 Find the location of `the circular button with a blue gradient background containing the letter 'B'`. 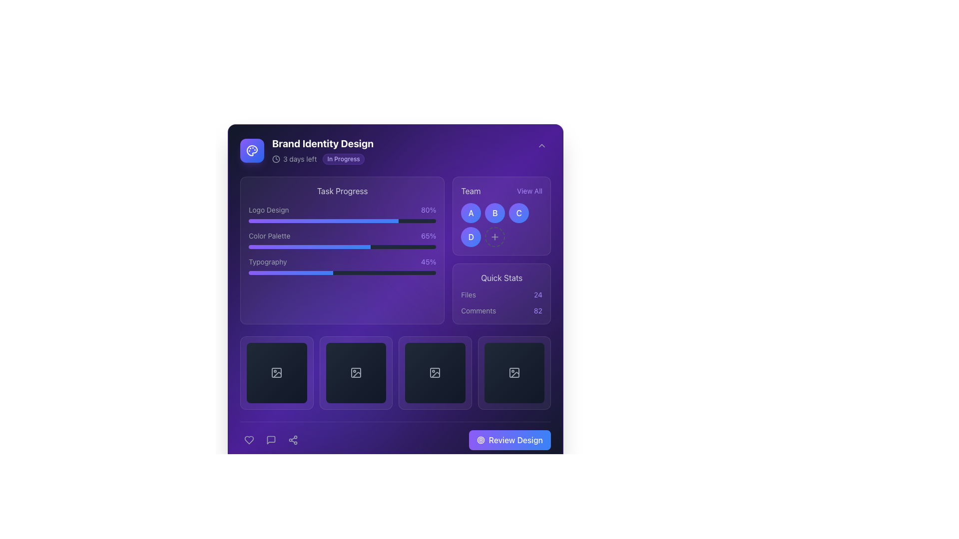

the circular button with a blue gradient background containing the letter 'B' is located at coordinates (501, 215).